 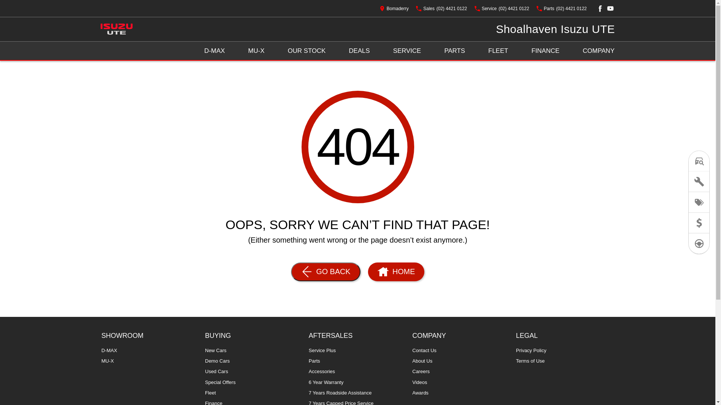 What do you see at coordinates (422, 363) in the screenshot?
I see `'About Us'` at bounding box center [422, 363].